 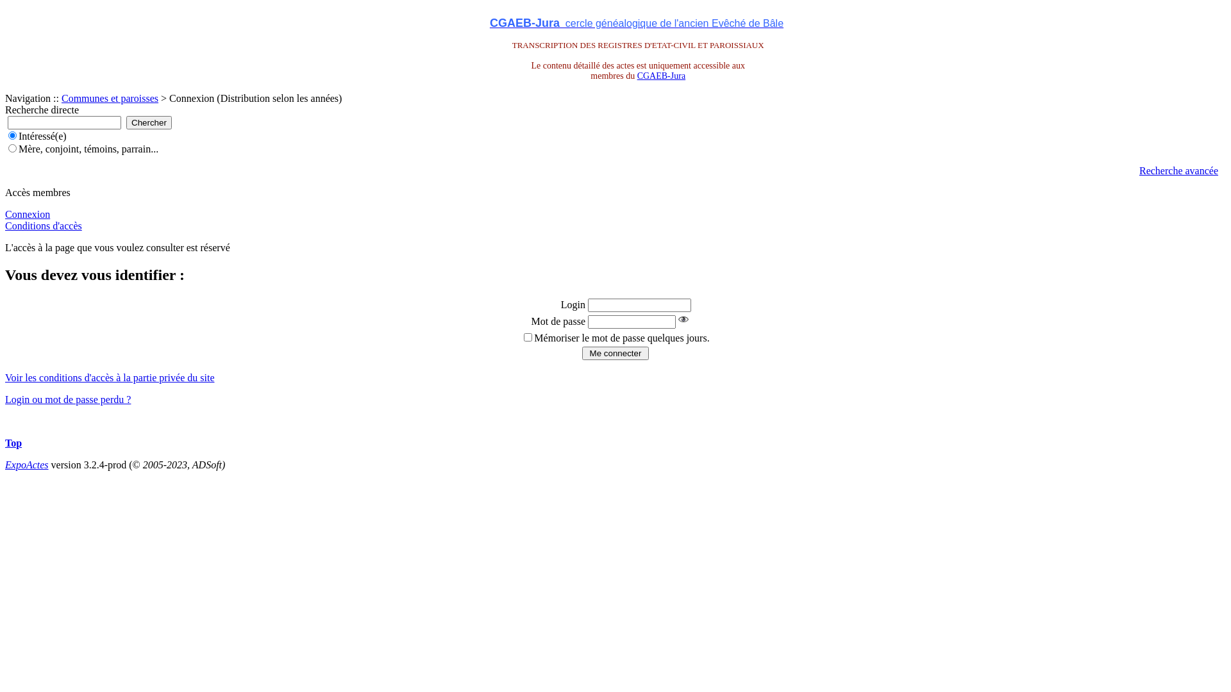 What do you see at coordinates (110, 97) in the screenshot?
I see `'Communes et paroisses'` at bounding box center [110, 97].